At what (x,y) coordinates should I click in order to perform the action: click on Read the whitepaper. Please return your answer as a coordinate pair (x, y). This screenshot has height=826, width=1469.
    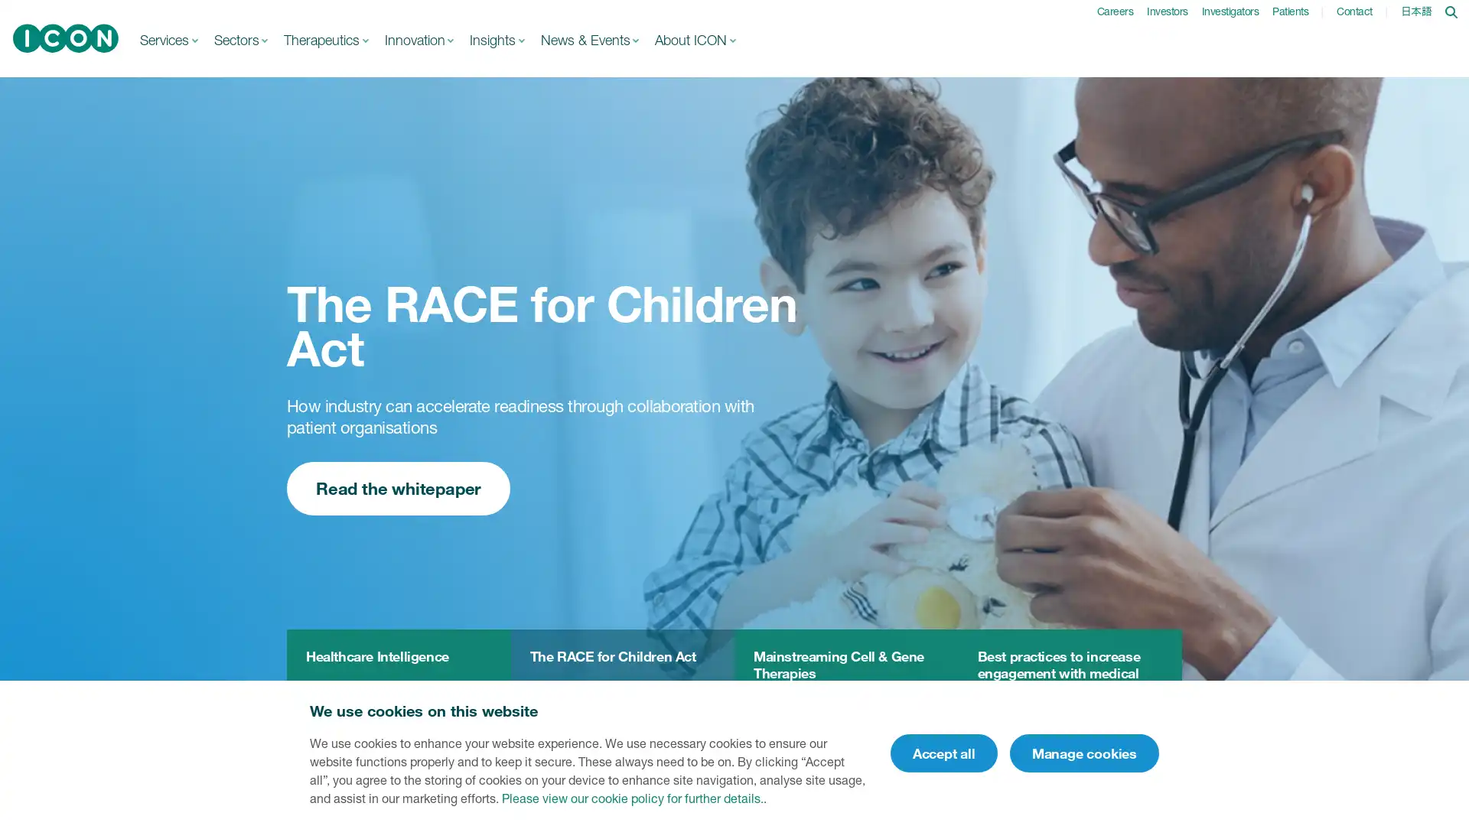
    Looking at the image, I should click on (399, 542).